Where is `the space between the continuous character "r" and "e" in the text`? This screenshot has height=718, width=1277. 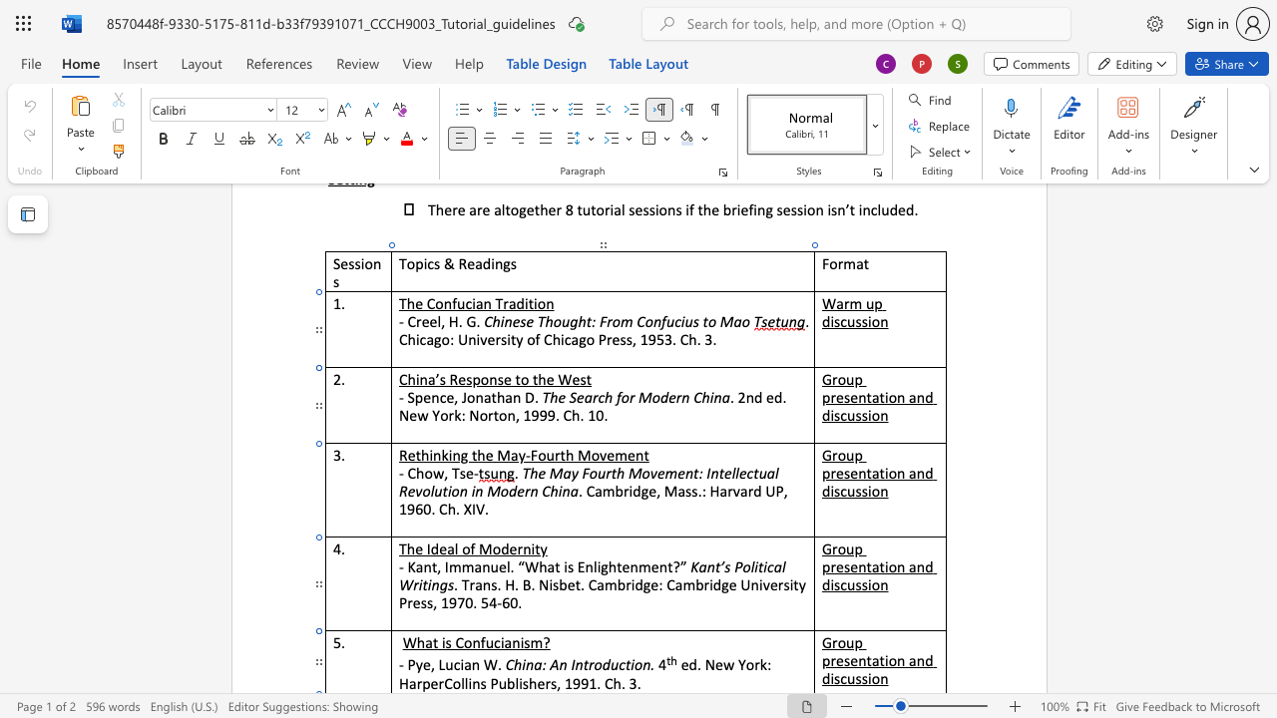 the space between the continuous character "r" and "e" in the text is located at coordinates (836, 660).